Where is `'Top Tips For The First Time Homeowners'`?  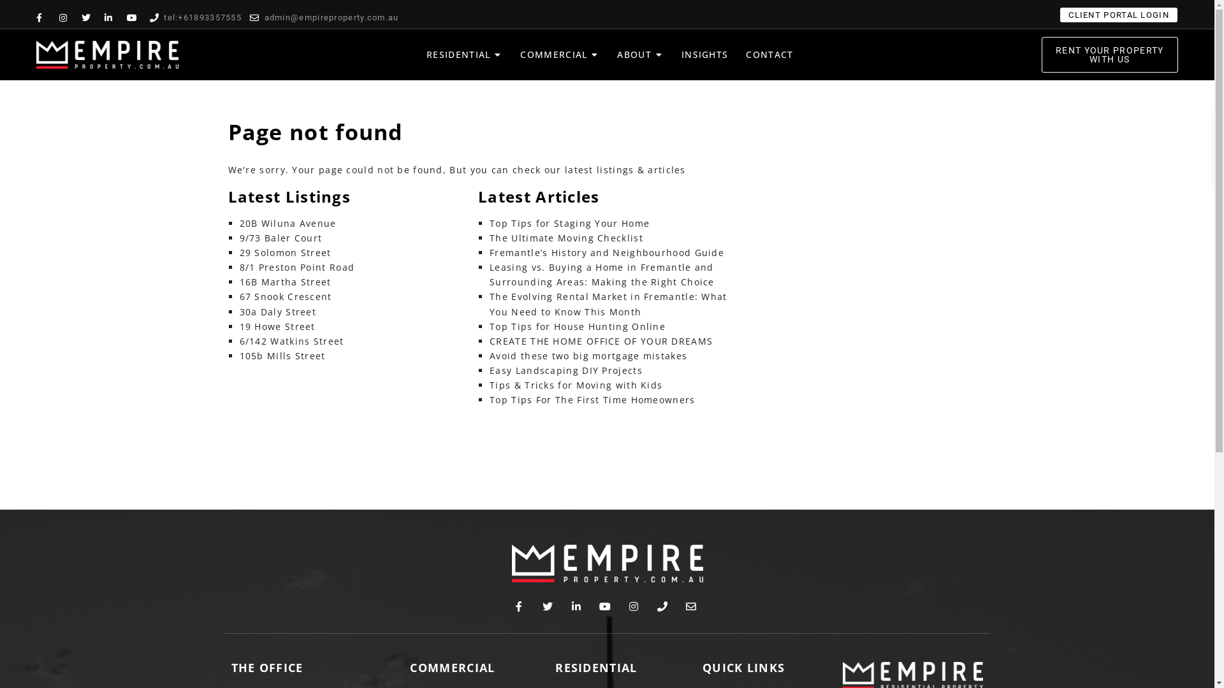
'Top Tips For The First Time Homeowners' is located at coordinates (592, 399).